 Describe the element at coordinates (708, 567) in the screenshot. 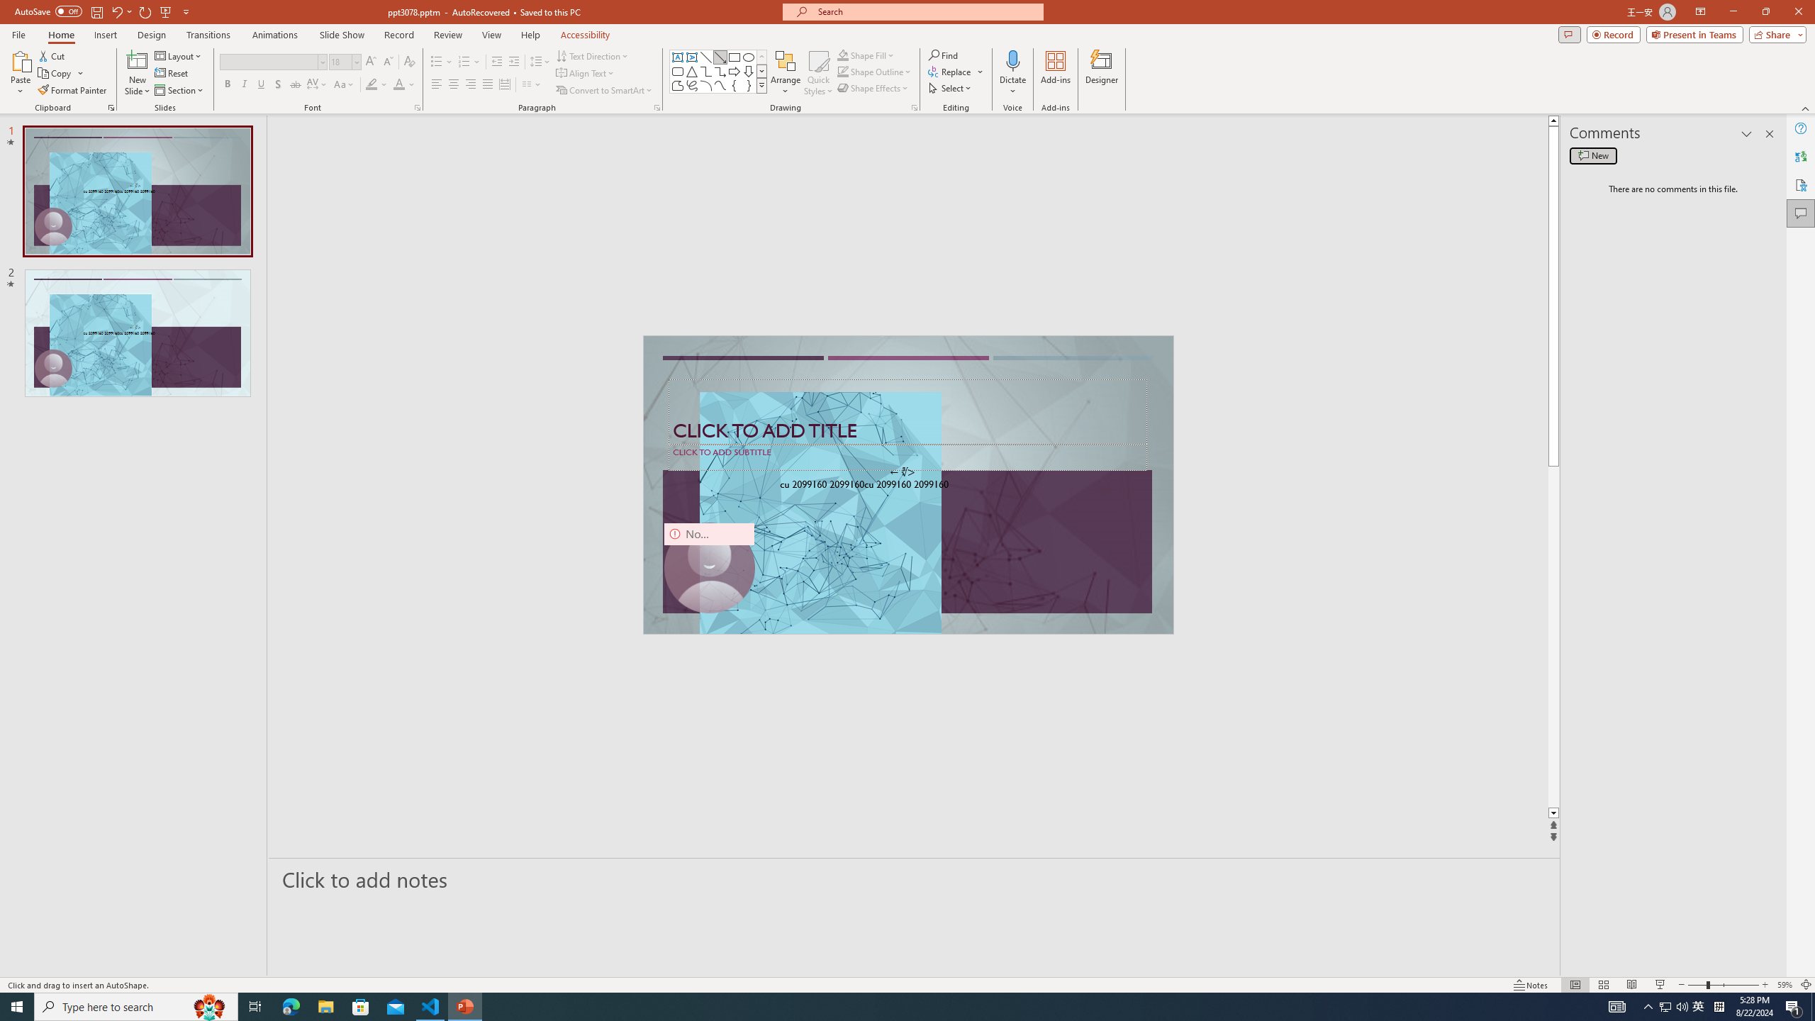

I see `'Camera 9, No camera detected.'` at that location.